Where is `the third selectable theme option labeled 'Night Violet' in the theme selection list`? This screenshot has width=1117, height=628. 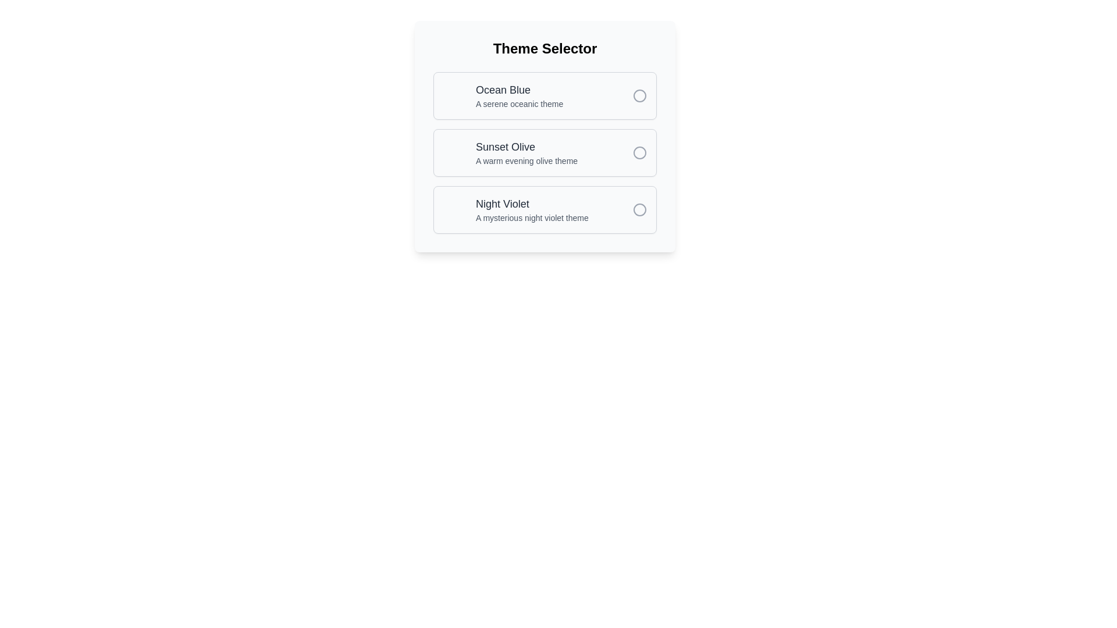
the third selectable theme option labeled 'Night Violet' in the theme selection list is located at coordinates (544, 210).